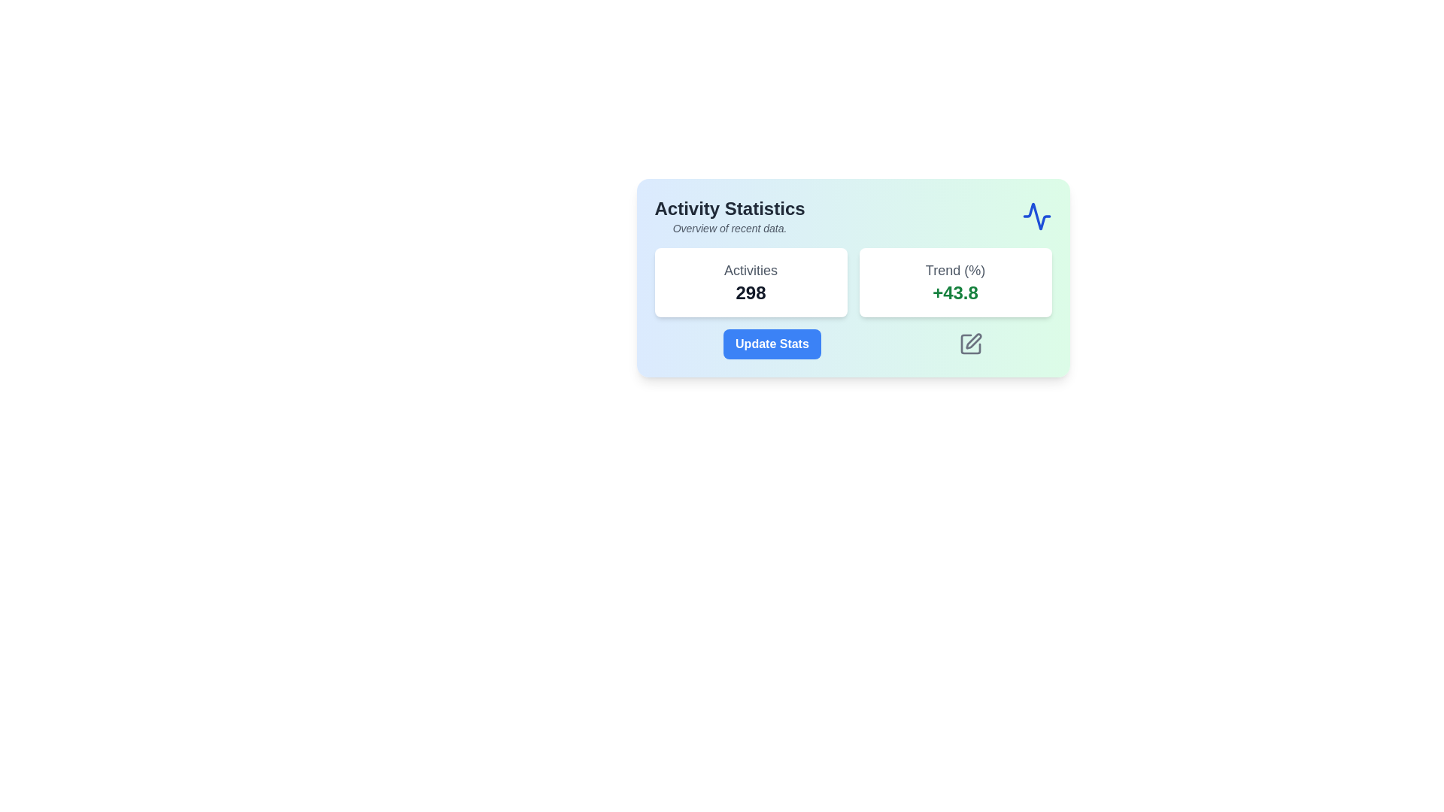 The image size is (1444, 812). I want to click on the Text label that indicates activities, positioned at the top center of a white, rounded-corner box above the numeric value '298', so click(751, 269).